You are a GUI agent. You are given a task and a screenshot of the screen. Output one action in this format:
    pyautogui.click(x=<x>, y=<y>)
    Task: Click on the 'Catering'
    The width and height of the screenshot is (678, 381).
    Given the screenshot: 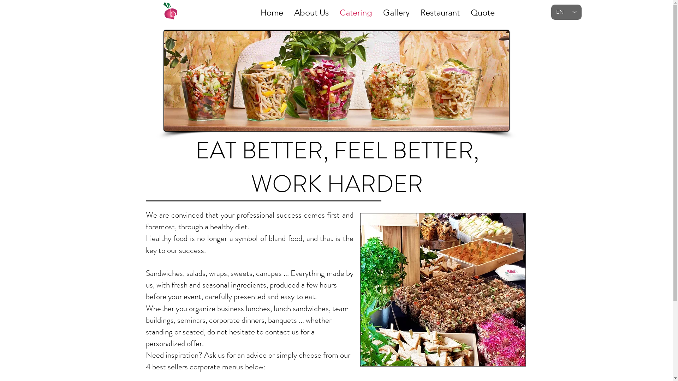 What is the action you would take?
    pyautogui.click(x=356, y=11)
    